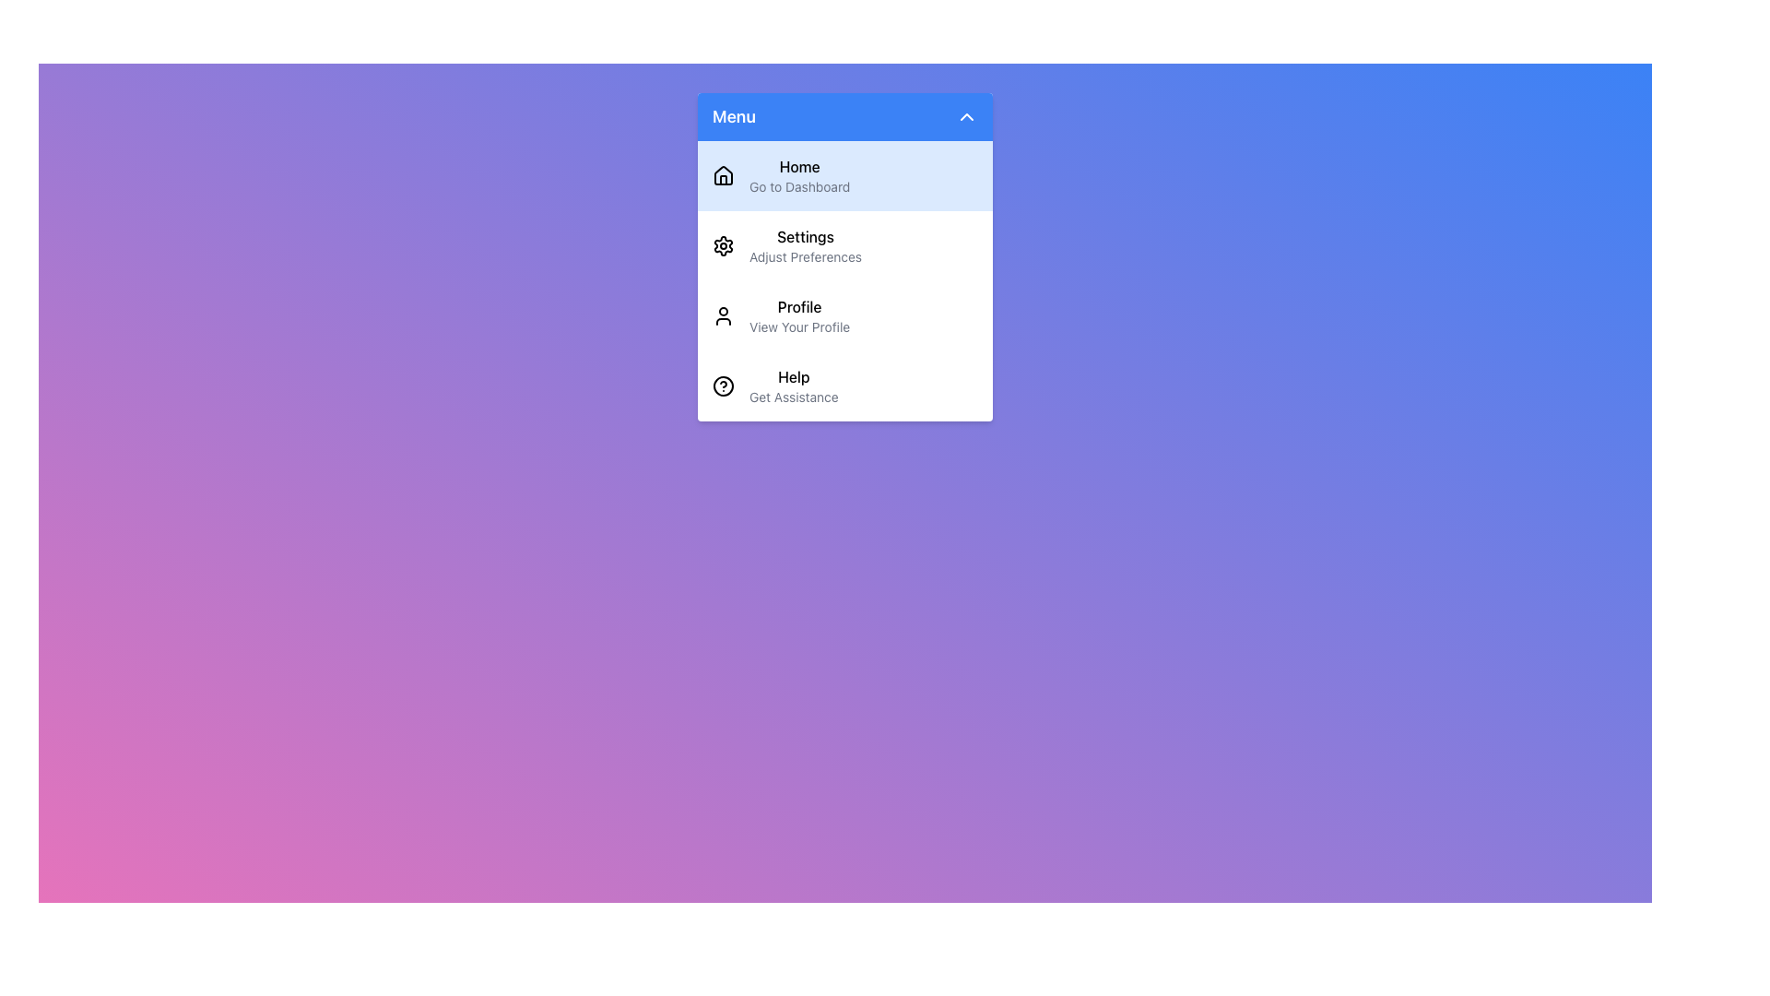  What do you see at coordinates (723, 244) in the screenshot?
I see `the settings cogwheel icon, which is the second item in the vertical menu list labeled 'Settings'` at bounding box center [723, 244].